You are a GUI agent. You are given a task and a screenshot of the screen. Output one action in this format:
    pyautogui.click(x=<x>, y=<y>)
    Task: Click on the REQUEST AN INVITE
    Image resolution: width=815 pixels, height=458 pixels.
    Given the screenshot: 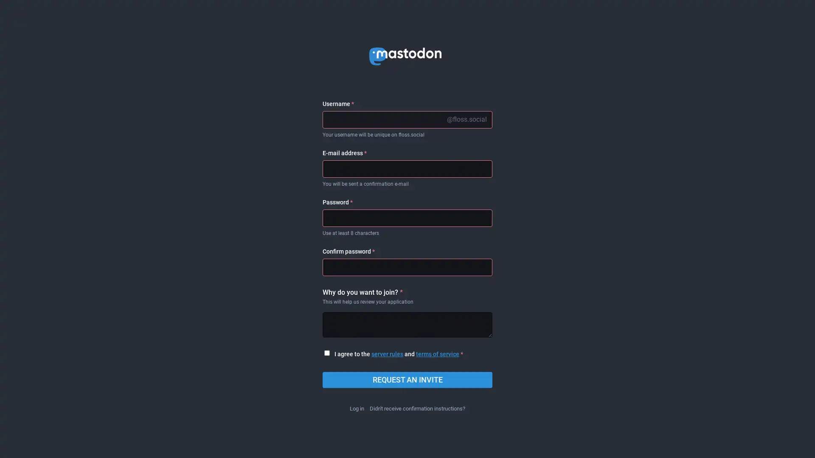 What is the action you would take?
    pyautogui.click(x=407, y=379)
    